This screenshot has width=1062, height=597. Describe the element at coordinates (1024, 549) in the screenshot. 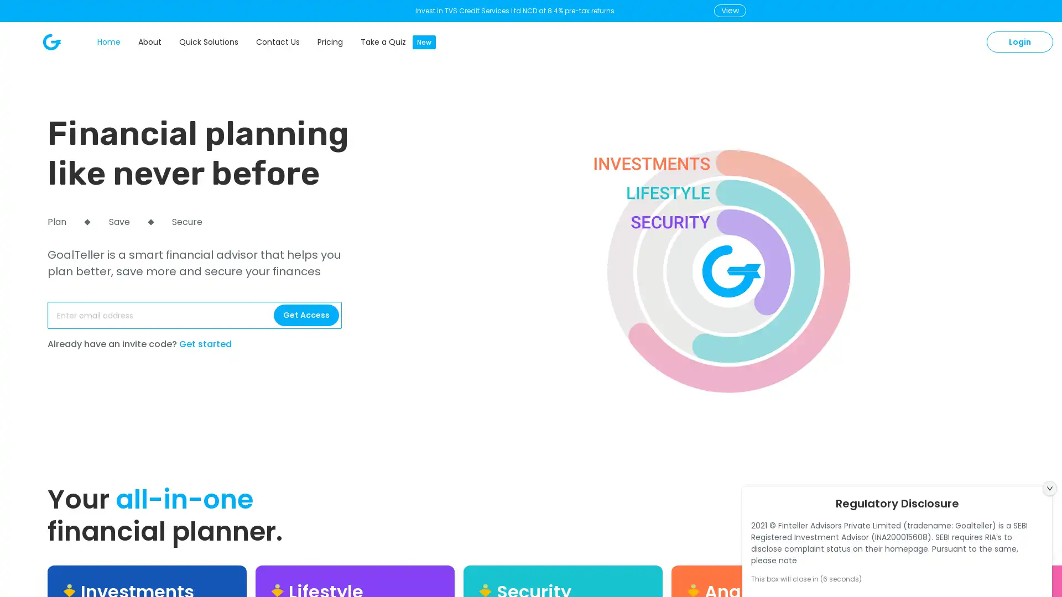

I see `Previous slide` at that location.